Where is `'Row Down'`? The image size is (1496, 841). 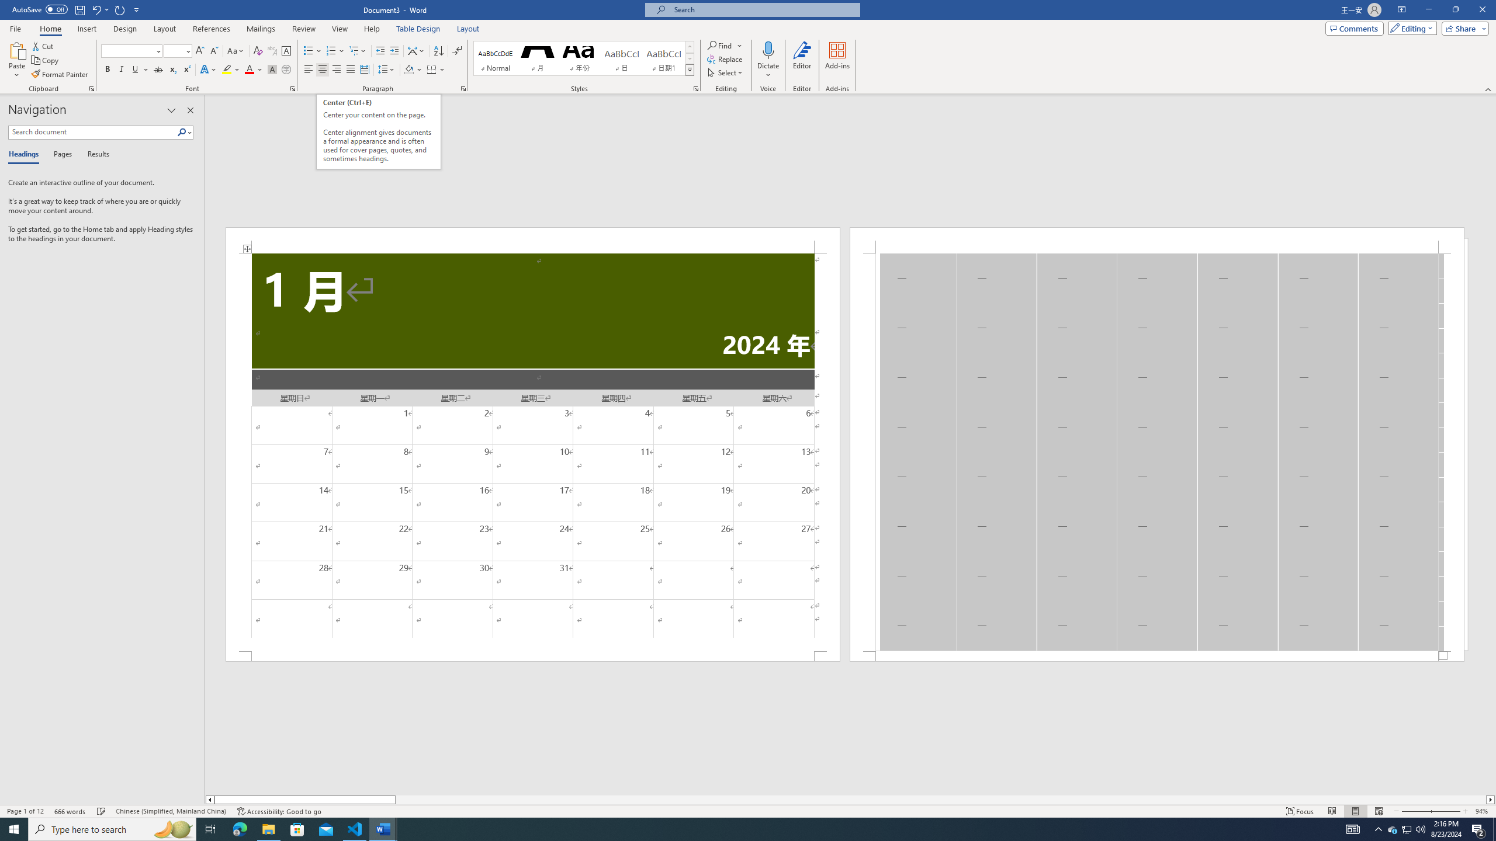
'Row Down' is located at coordinates (689, 58).